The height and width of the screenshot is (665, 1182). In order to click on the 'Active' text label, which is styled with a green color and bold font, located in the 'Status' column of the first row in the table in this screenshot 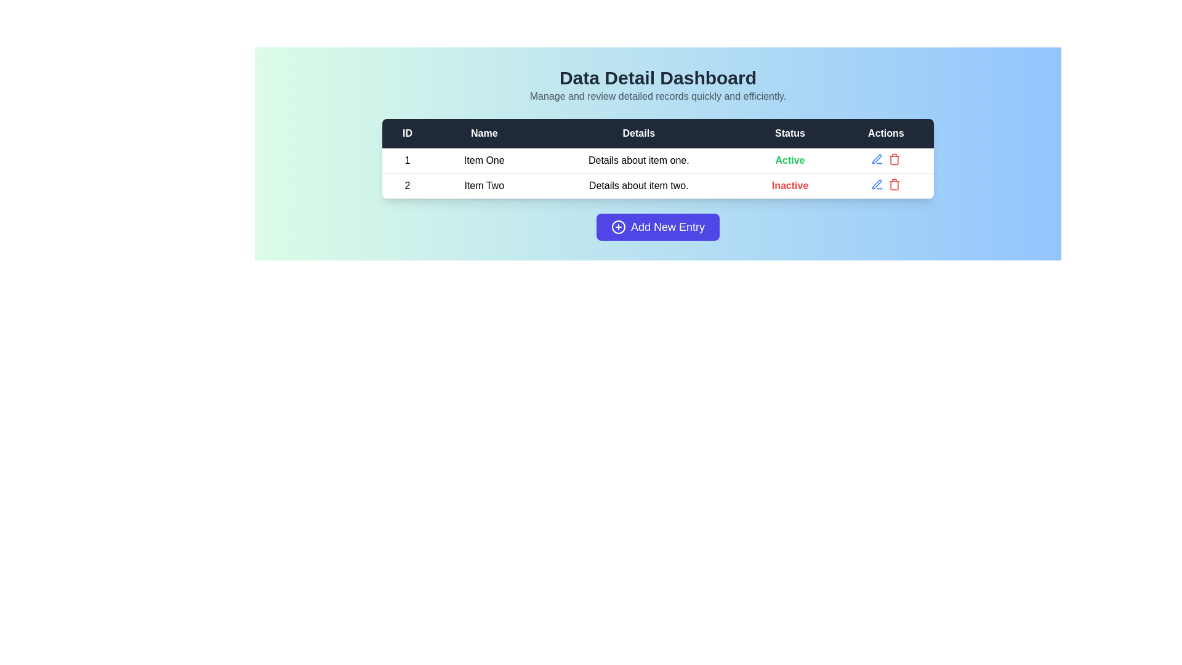, I will do `click(790, 159)`.